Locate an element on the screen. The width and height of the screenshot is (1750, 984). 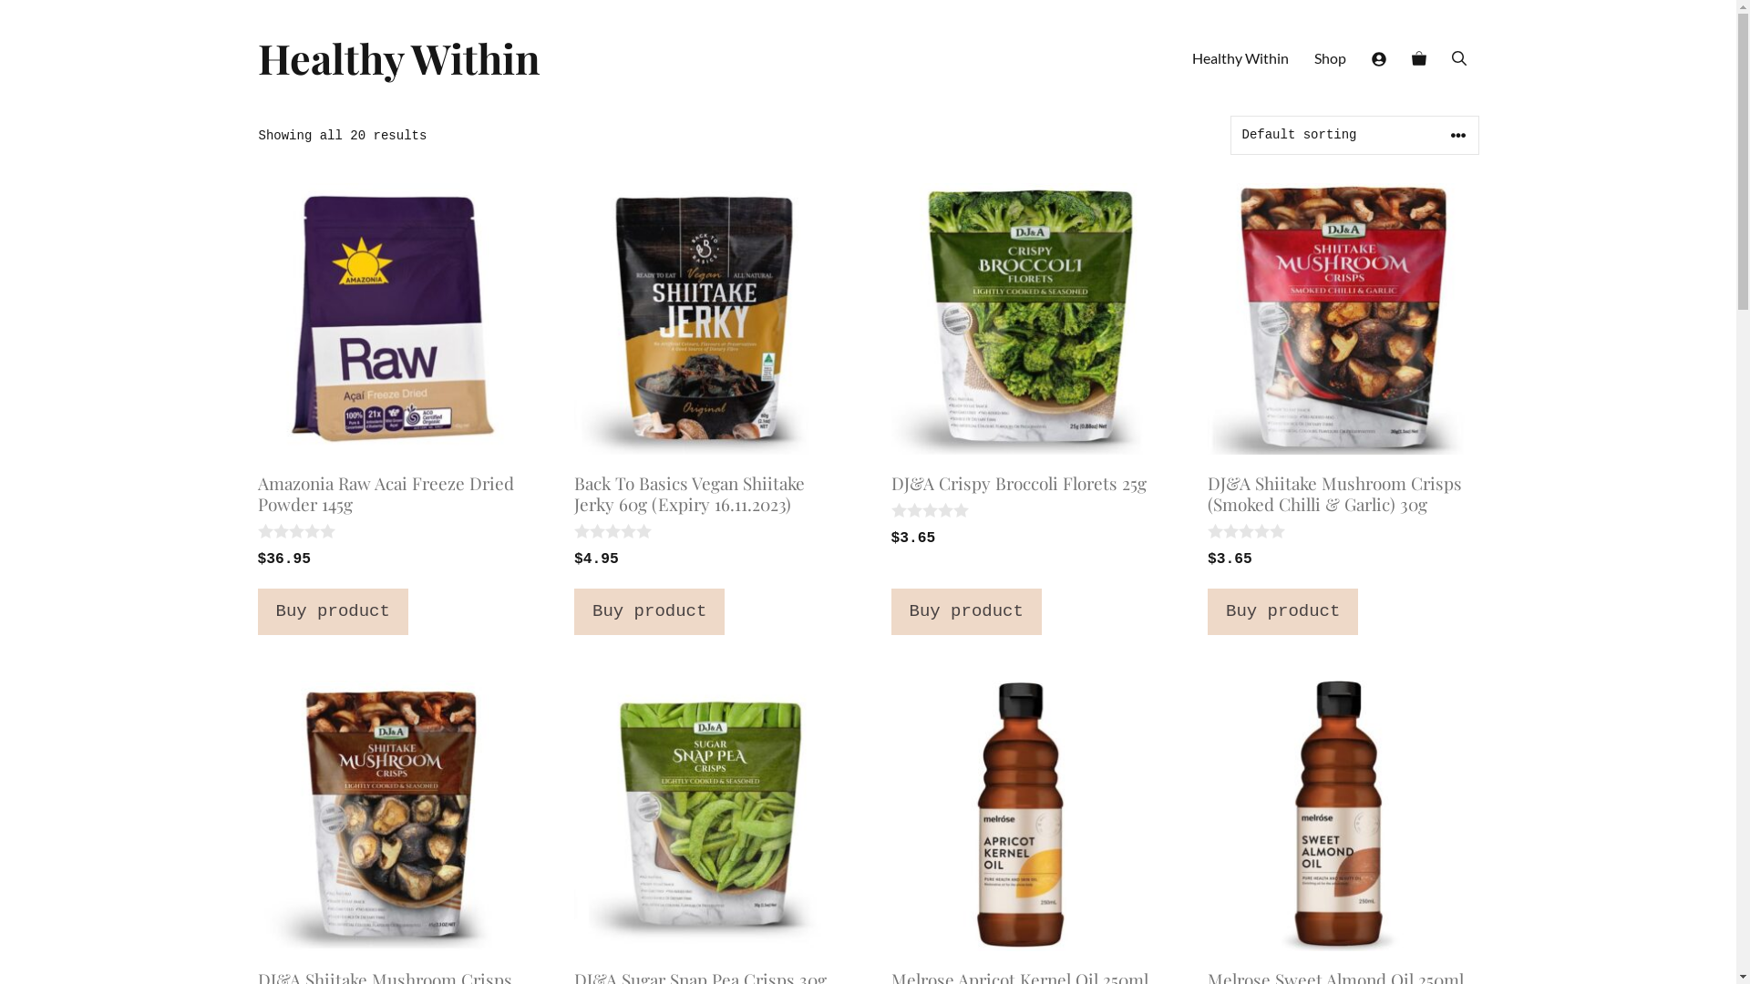
'Shop' is located at coordinates (1330, 56).